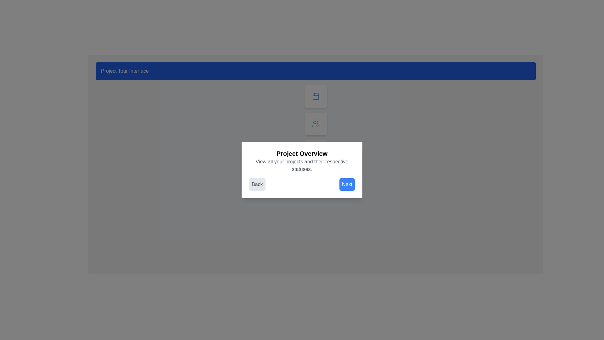  Describe the element at coordinates (347, 184) in the screenshot. I see `the navigation button located at the bottom-right corner of the modal dialog to observe any hover effects` at that location.